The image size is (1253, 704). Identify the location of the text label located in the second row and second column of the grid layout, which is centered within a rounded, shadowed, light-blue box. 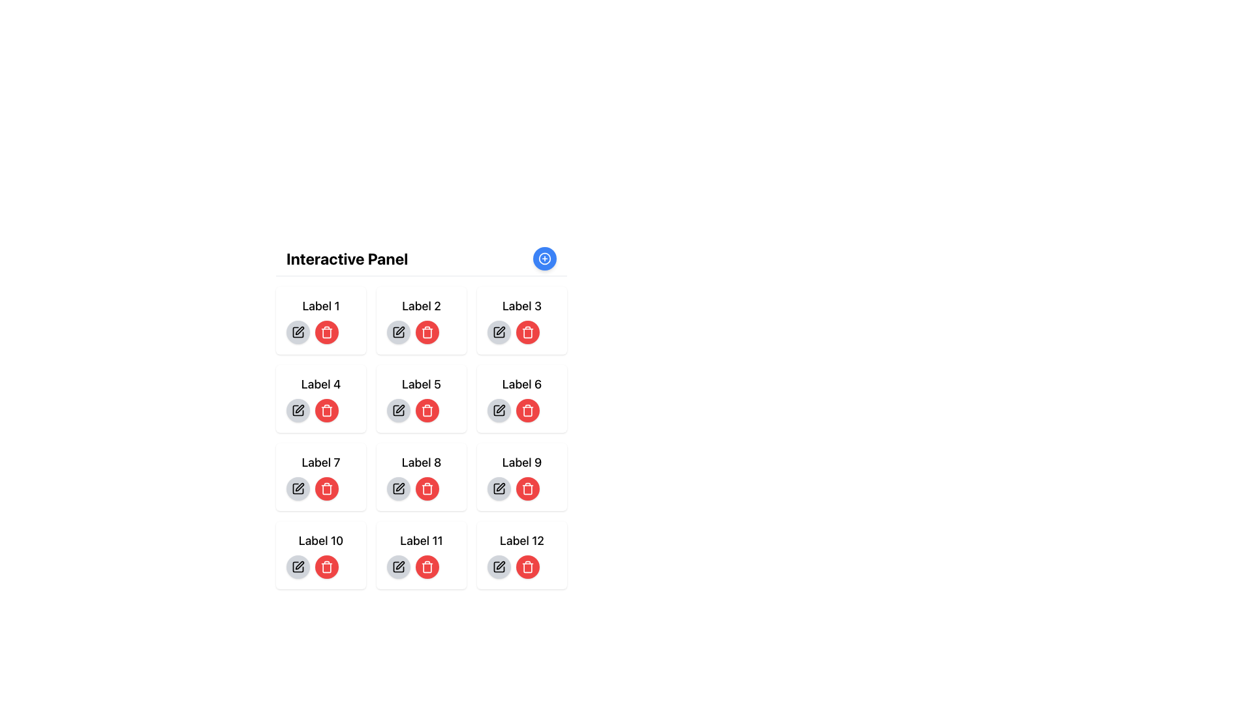
(422, 306).